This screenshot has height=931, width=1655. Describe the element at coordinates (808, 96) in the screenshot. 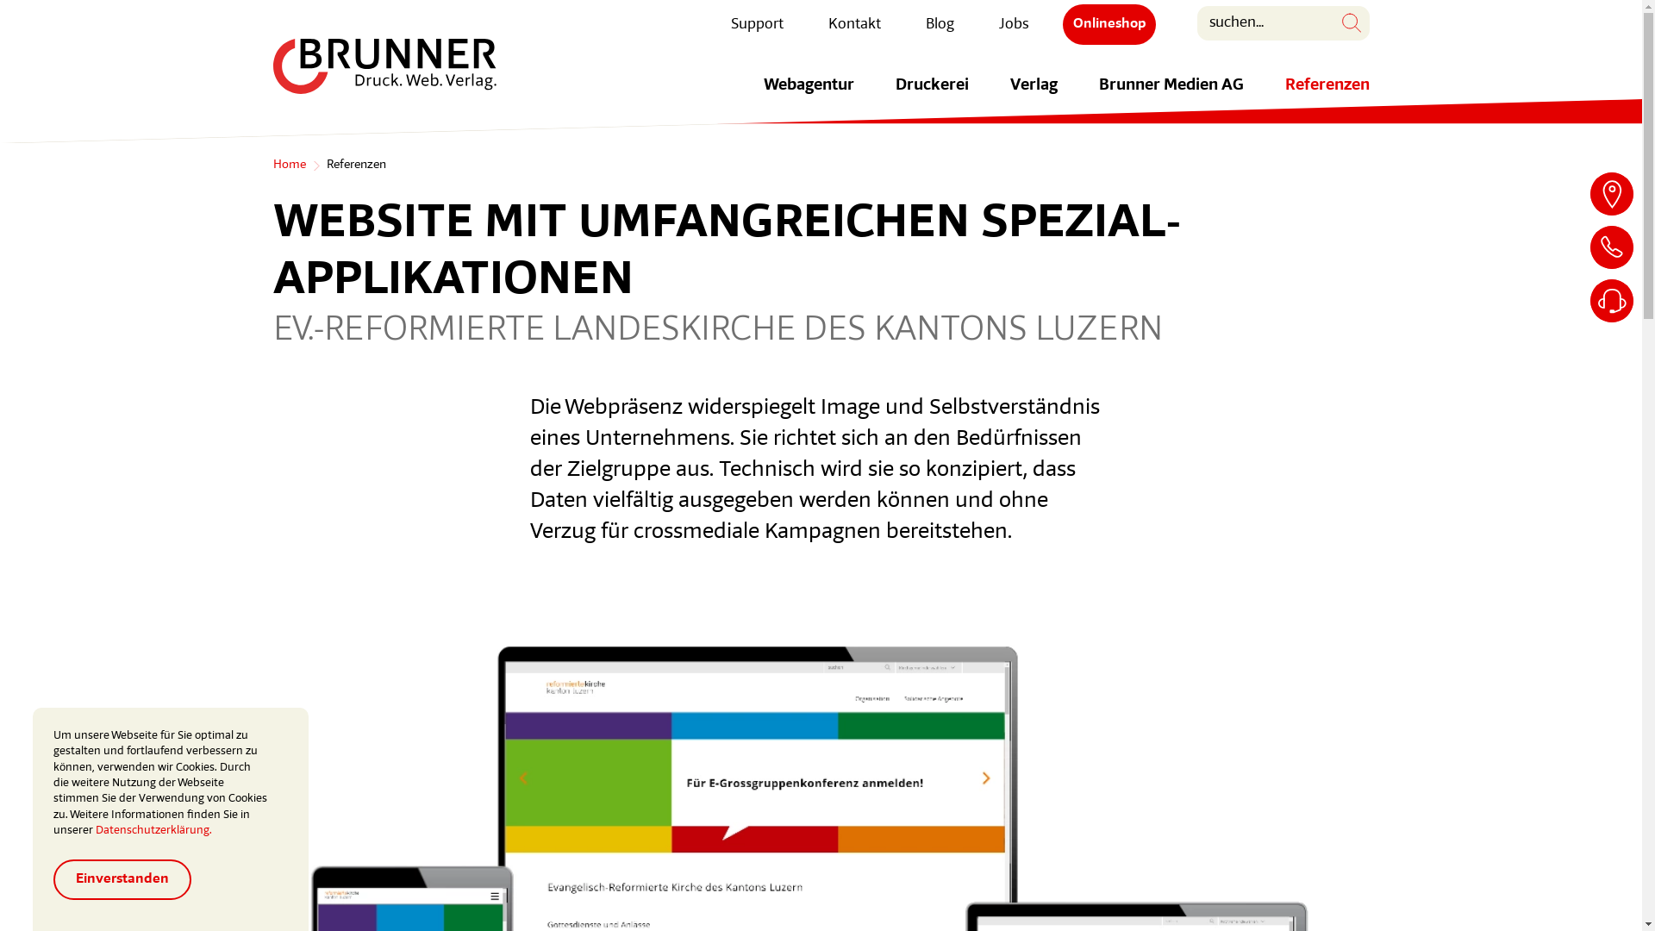

I see `'Webagentur'` at that location.